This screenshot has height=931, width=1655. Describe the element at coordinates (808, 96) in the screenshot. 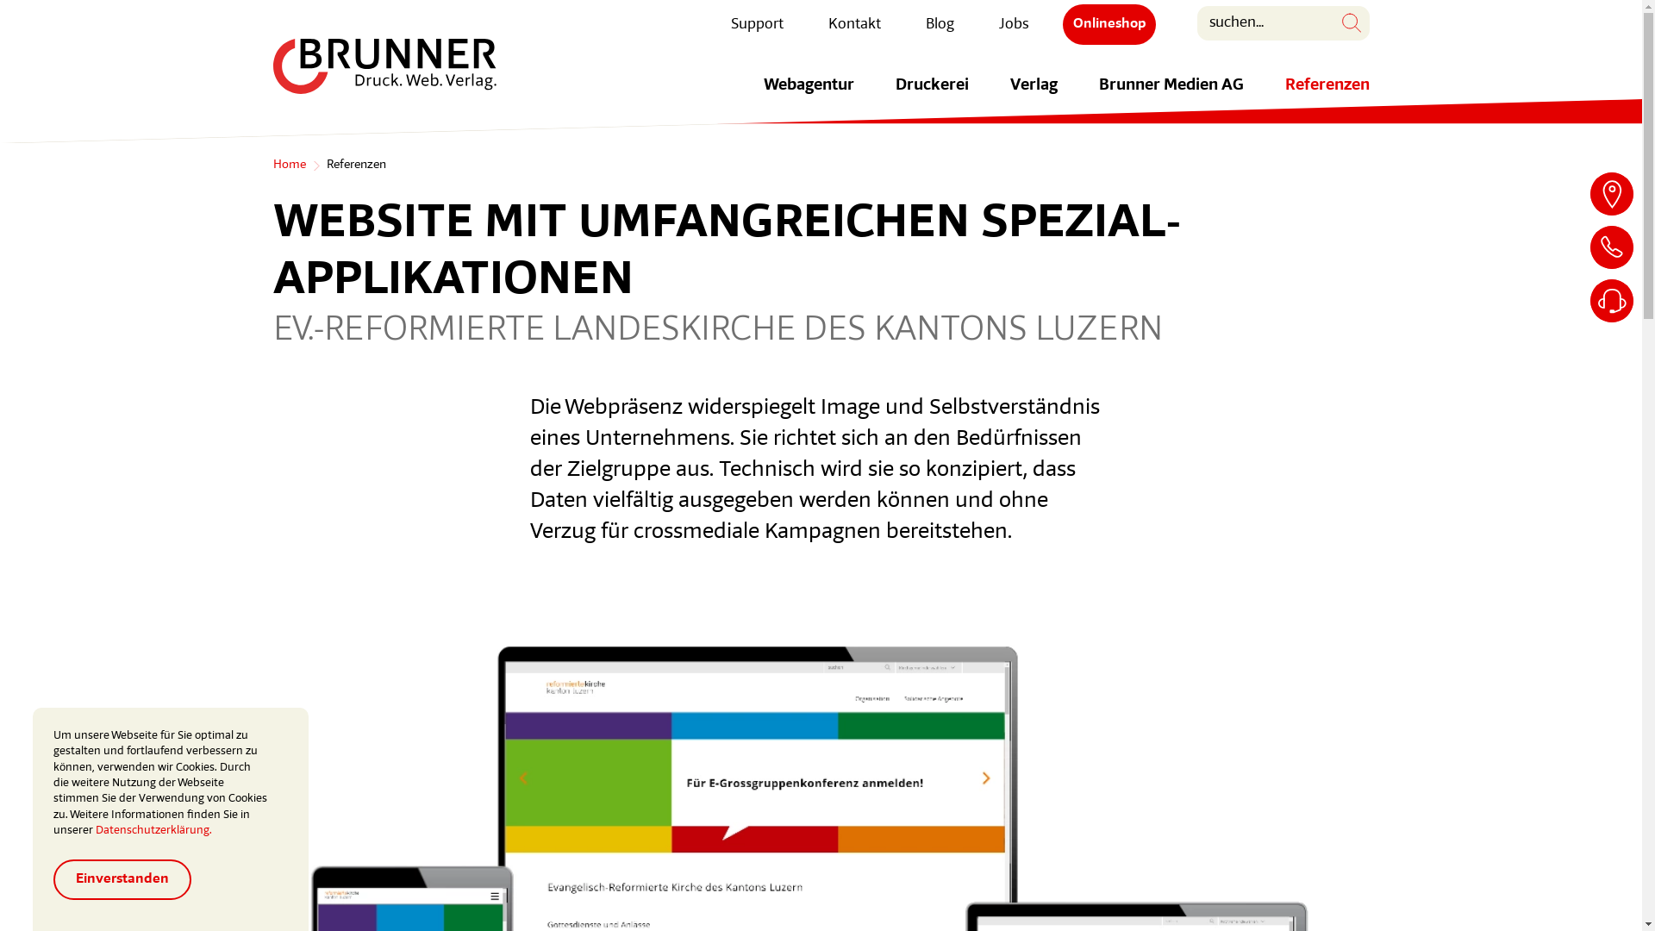

I see `'Webagentur'` at that location.